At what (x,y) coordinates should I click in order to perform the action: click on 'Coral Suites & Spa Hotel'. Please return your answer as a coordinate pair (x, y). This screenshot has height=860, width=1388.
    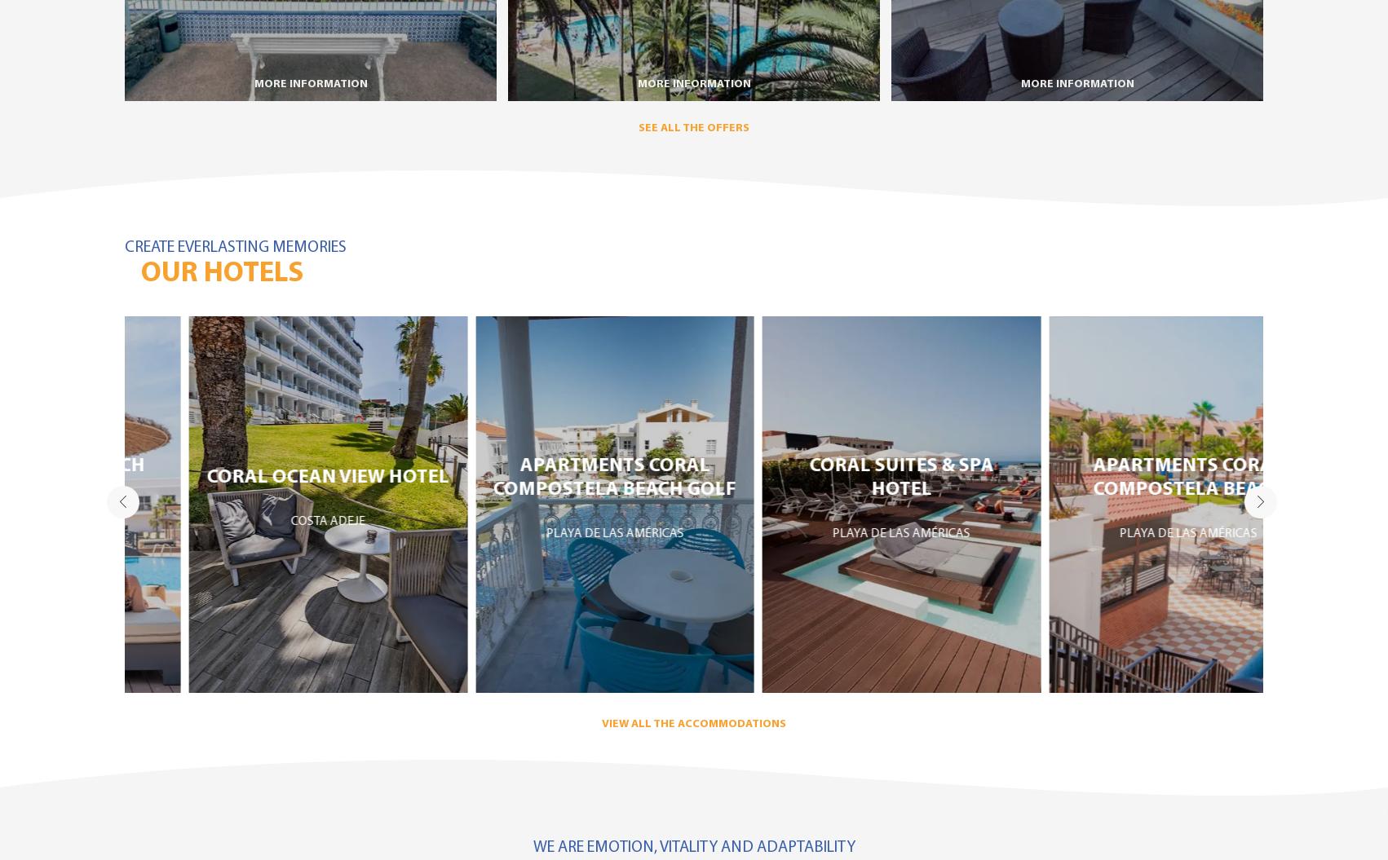
    Looking at the image, I should click on (835, 476).